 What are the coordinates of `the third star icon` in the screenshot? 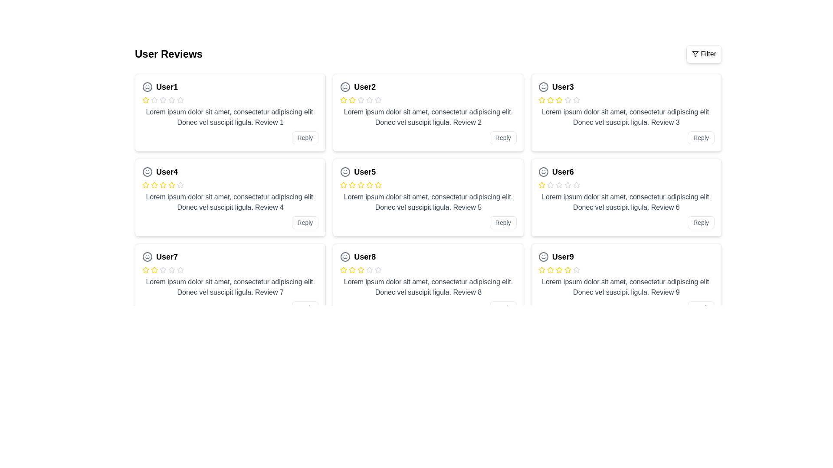 It's located at (567, 184).